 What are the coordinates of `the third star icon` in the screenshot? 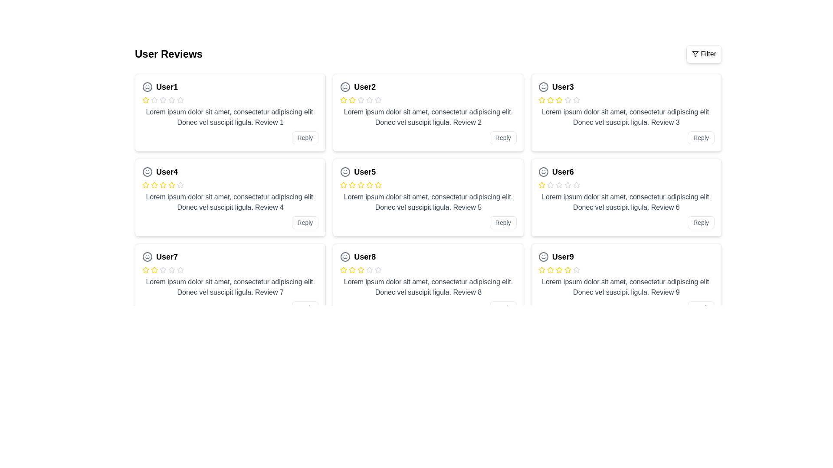 It's located at (567, 184).